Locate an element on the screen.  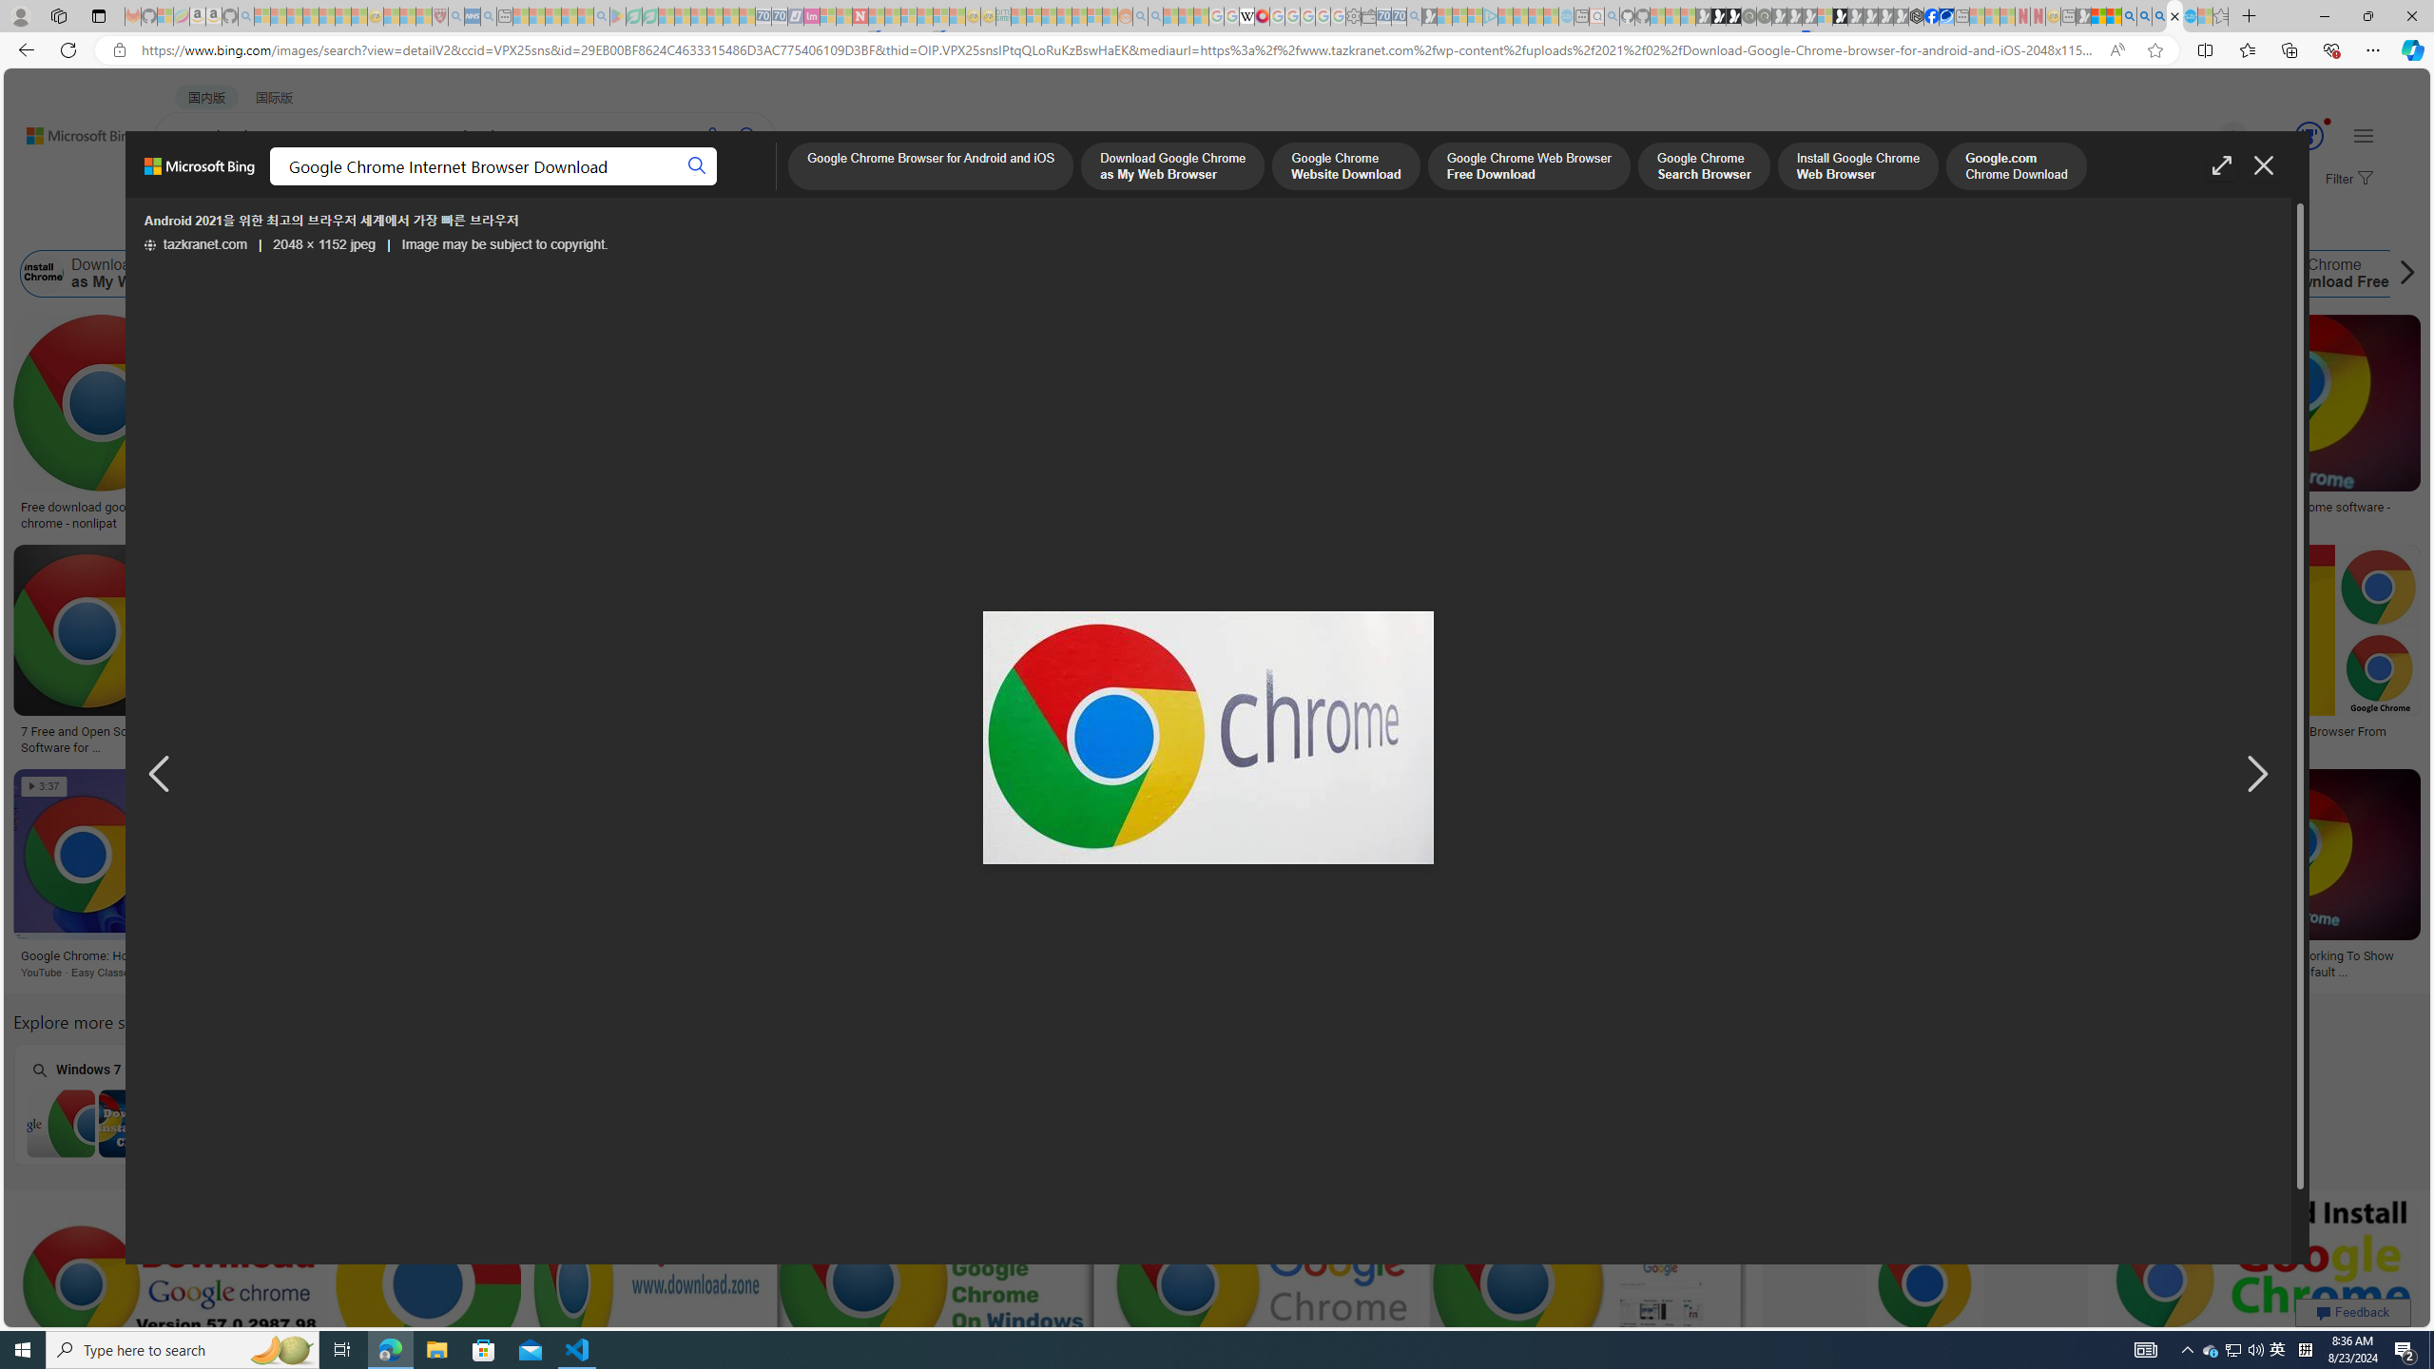
'Full screen' is located at coordinates (2220, 164).